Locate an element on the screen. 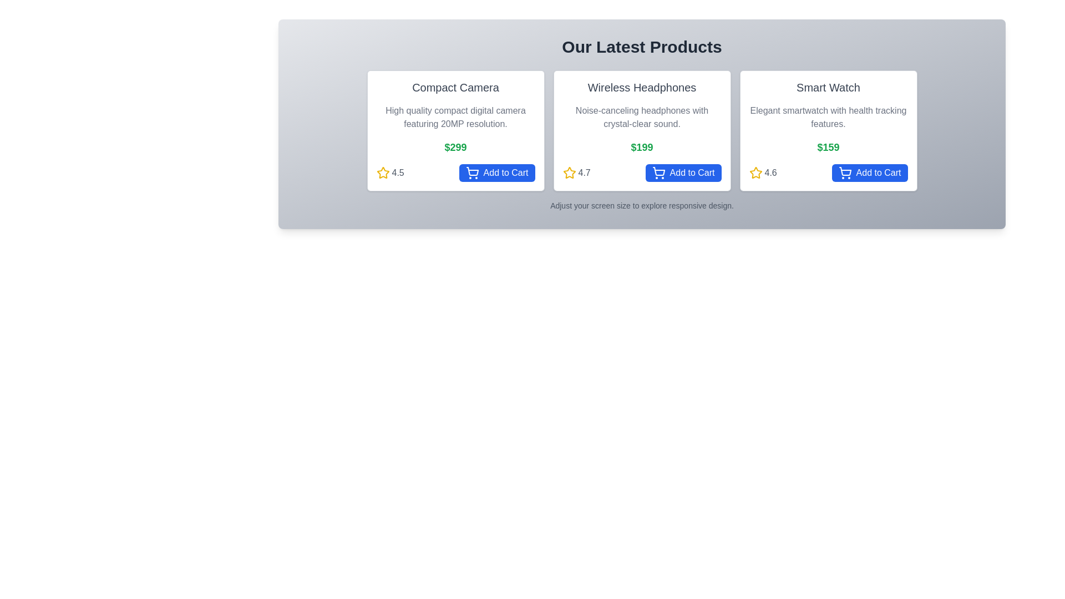 The width and height of the screenshot is (1065, 599). the yellow star icon representing the rating or favorite feature located to the left of the numeric rating '4.5' in the first product card of the Compact Camera listing is located at coordinates (383, 173).